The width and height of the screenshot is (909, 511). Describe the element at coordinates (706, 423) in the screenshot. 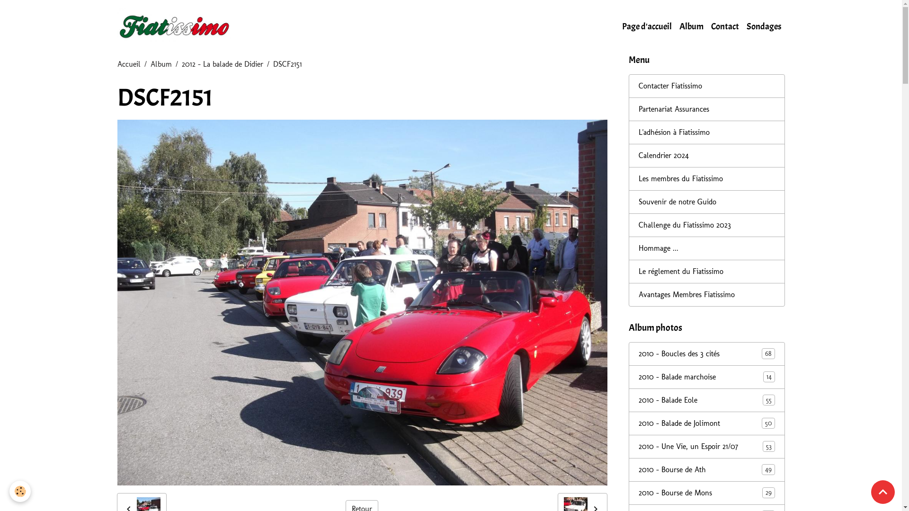

I see `'2010 - Balade de Jolimont` at that location.